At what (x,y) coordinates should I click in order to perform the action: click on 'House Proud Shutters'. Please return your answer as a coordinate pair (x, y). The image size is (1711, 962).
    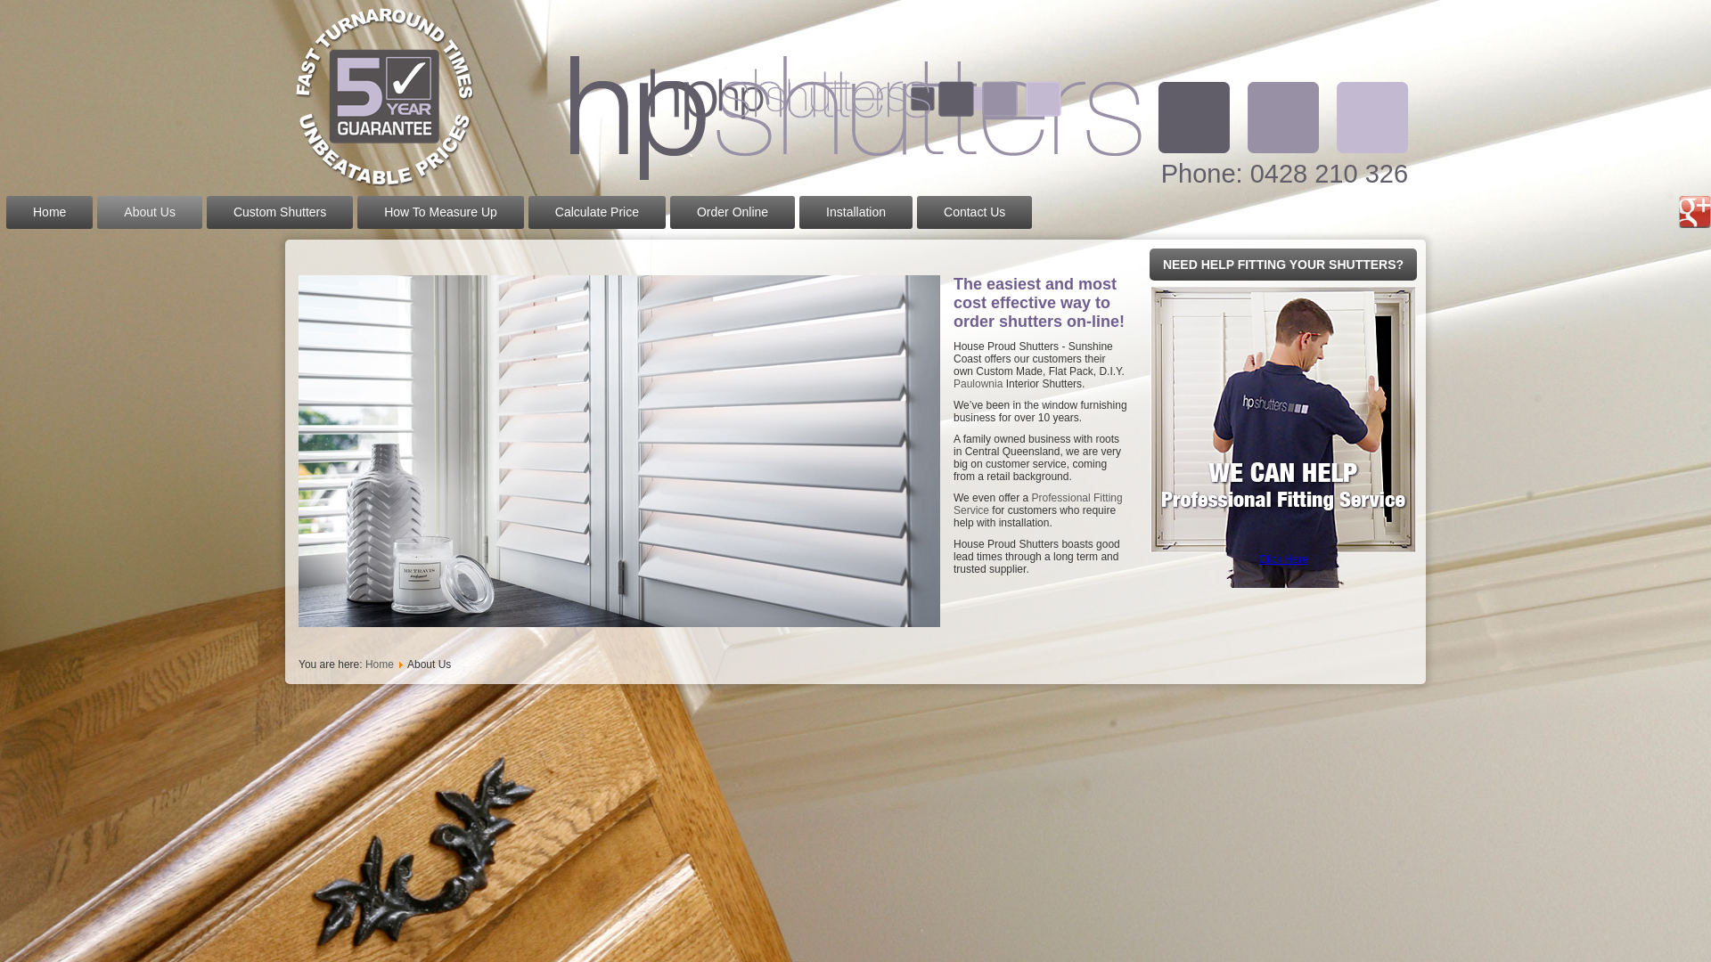
    Looking at the image, I should click on (987, 116).